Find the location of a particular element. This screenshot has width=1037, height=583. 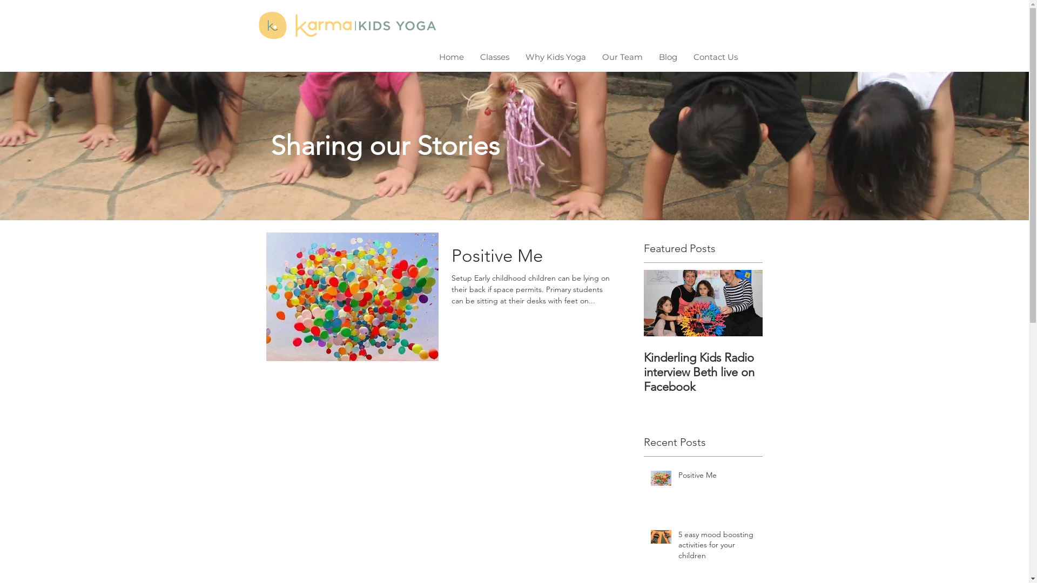

'Why Kids Yoga' is located at coordinates (555, 57).